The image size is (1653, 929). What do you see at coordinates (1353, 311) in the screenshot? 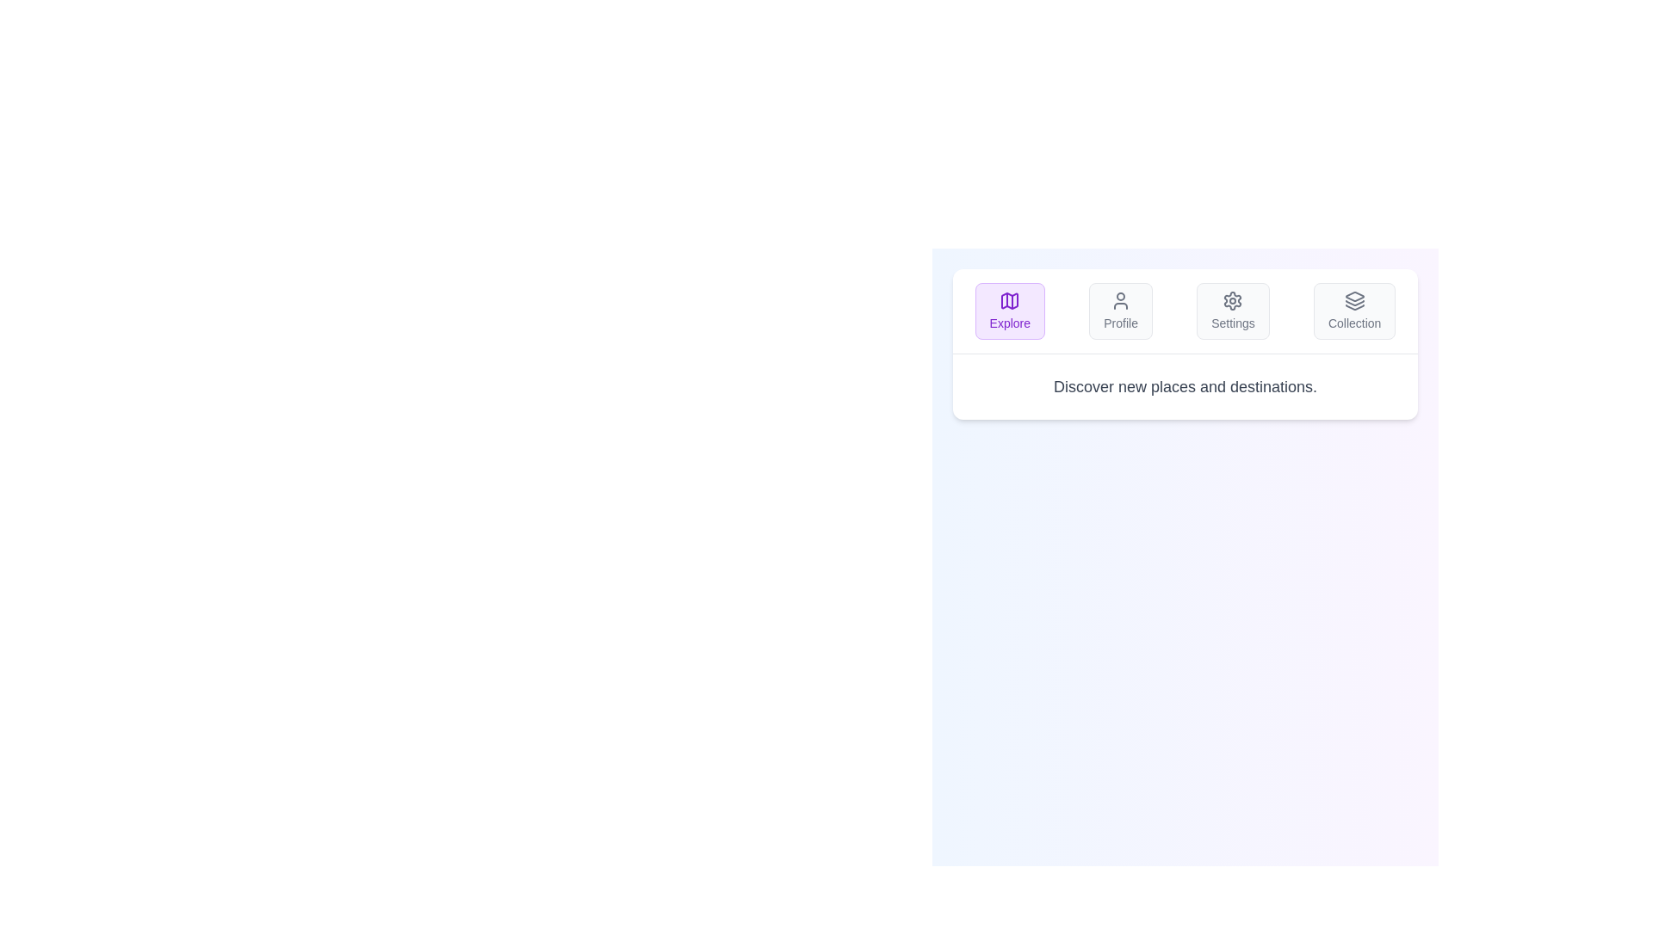
I see `the 'Collection' button, which is a vertically aligned button with a light gray background and an icon resembling stacked layers, positioned as the fourth button in a horizontal list of navigation buttons` at bounding box center [1353, 311].